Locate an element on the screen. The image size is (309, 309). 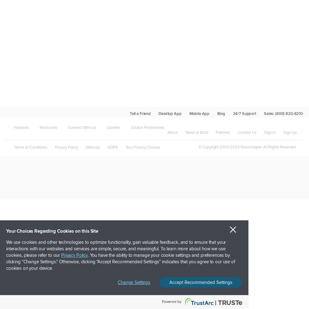
'Resources' is located at coordinates (48, 127).